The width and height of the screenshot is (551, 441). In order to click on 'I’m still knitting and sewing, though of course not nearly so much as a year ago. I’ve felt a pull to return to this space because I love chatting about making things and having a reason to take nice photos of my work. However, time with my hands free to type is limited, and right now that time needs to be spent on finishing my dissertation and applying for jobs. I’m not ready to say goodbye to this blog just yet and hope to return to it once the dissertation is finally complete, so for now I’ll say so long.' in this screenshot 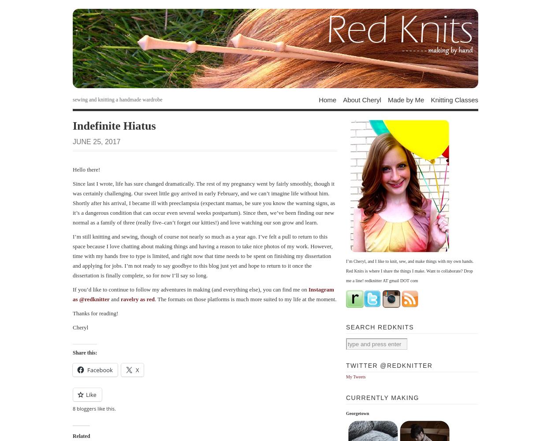, I will do `click(202, 255)`.